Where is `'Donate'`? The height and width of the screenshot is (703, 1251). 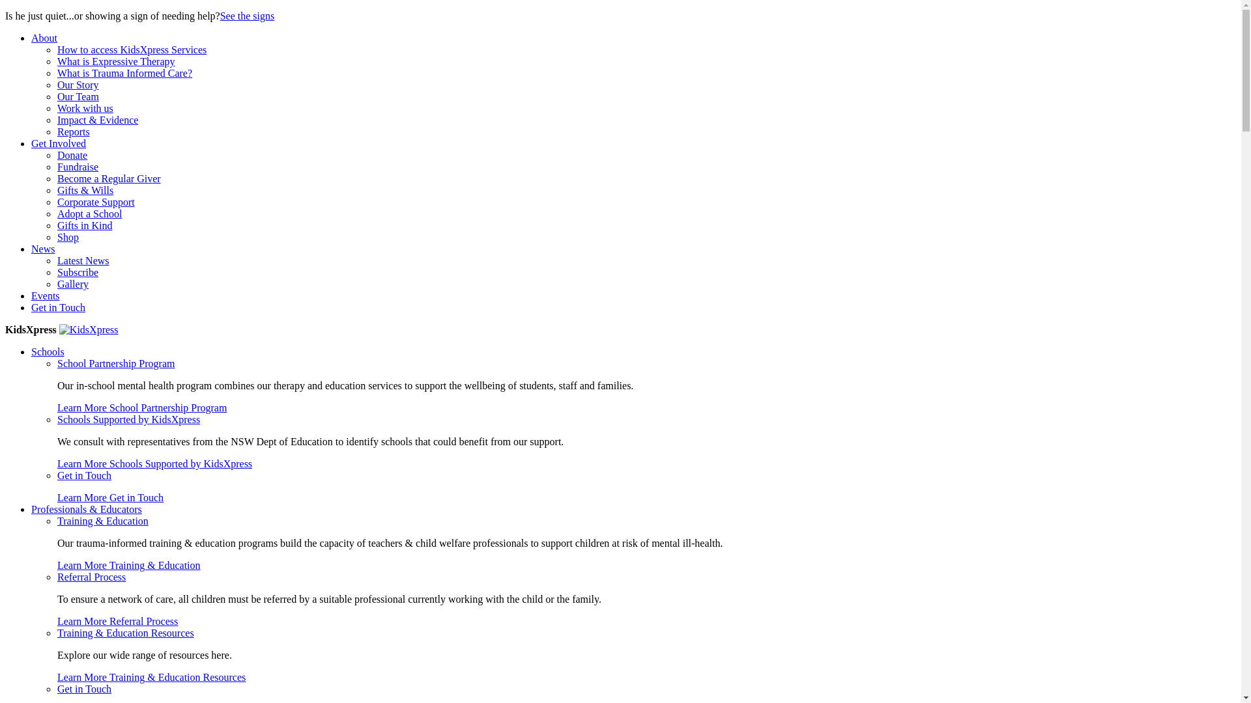
'Donate' is located at coordinates (56, 154).